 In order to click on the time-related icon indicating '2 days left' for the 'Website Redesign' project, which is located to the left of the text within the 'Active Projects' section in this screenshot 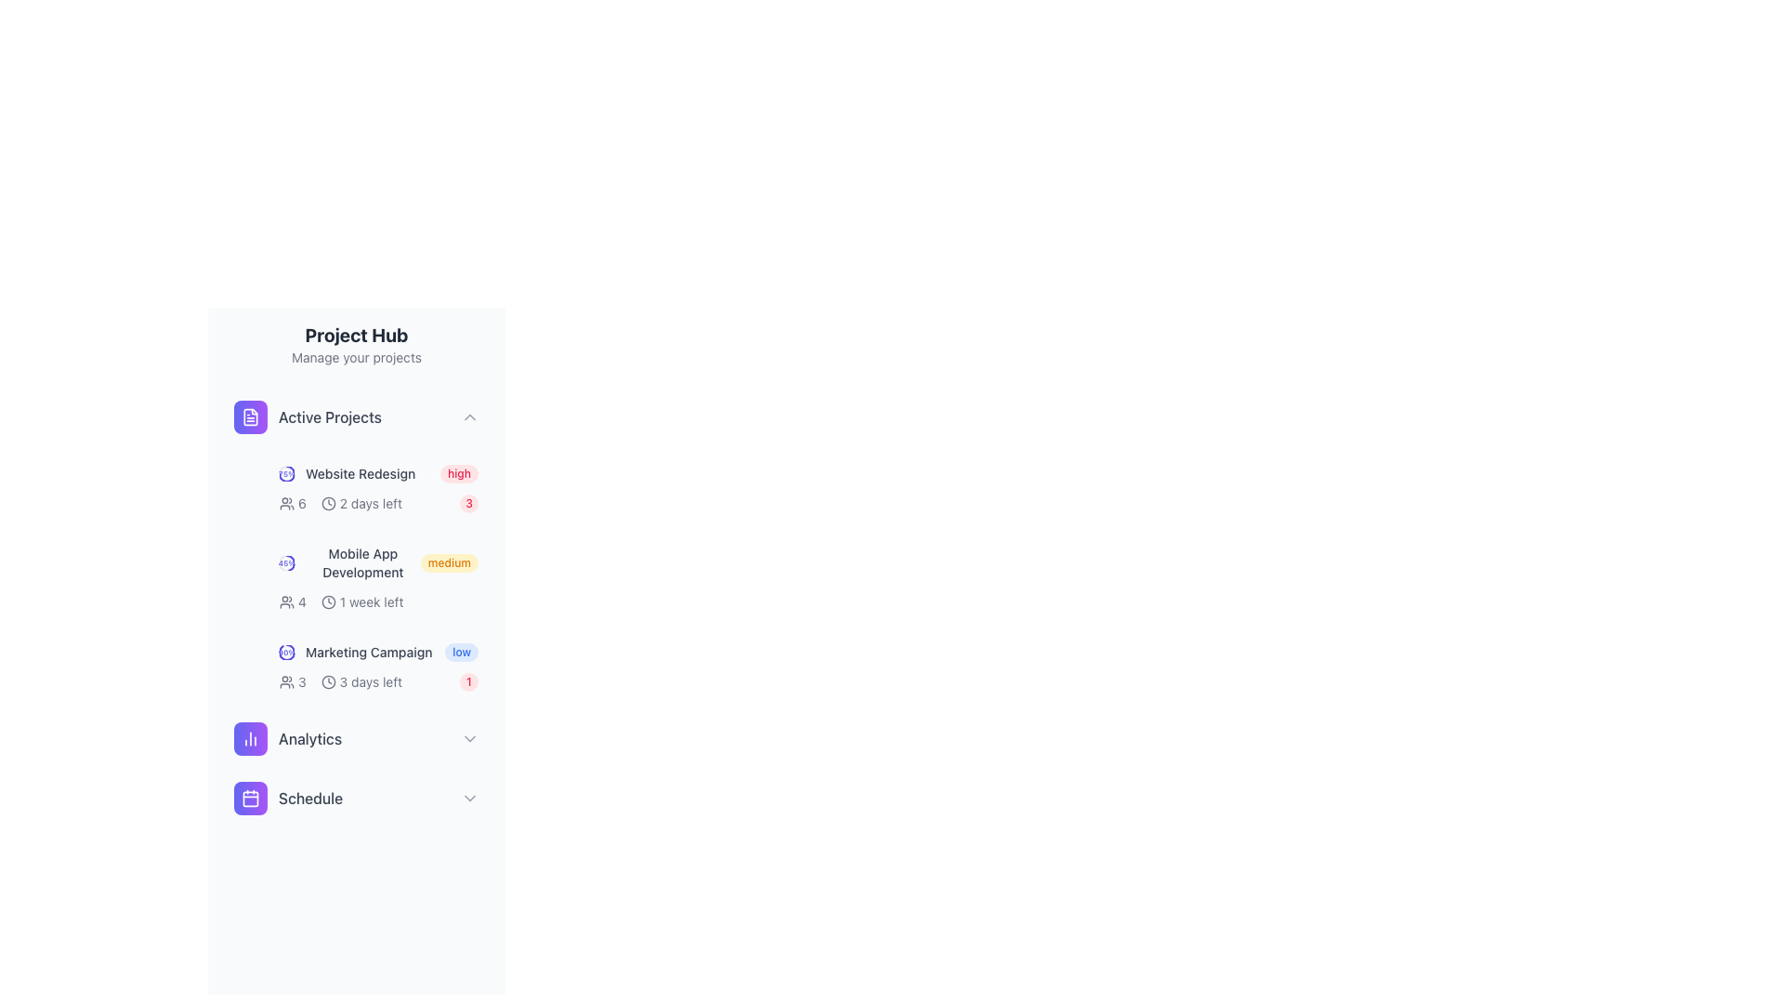, I will do `click(328, 504)`.